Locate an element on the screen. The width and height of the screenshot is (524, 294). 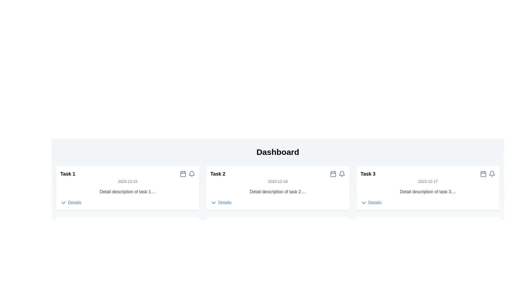
text displaying the date '2023-12-16' located under the title 'Task 2' in the second card of a three-card layout is located at coordinates (278, 182).